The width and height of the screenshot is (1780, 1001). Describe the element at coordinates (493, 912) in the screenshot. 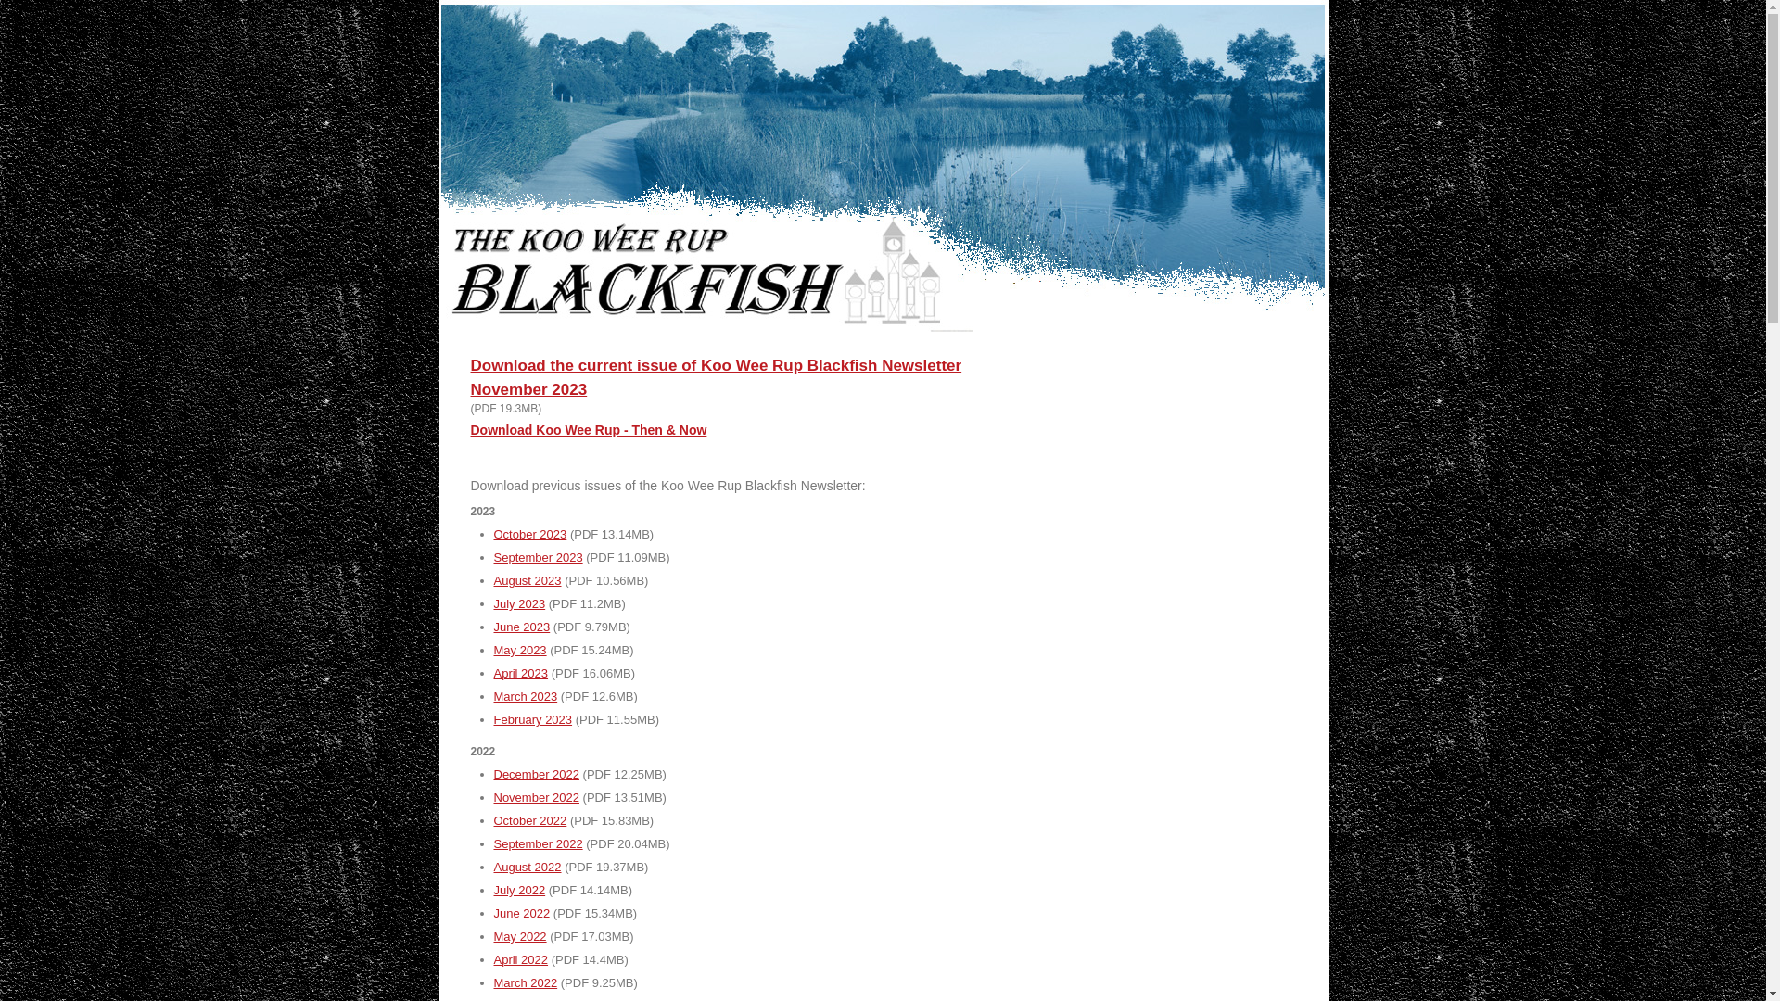

I see `'June 2022'` at that location.